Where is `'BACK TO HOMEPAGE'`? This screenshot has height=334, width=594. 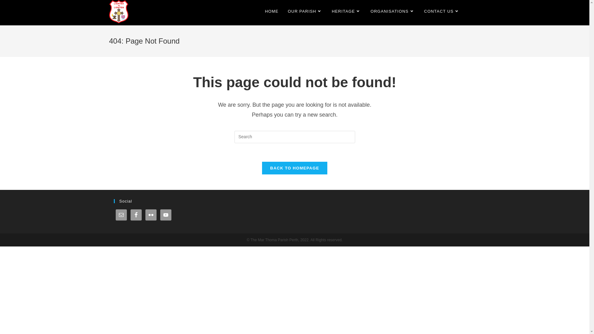
'BACK TO HOMEPAGE' is located at coordinates (294, 168).